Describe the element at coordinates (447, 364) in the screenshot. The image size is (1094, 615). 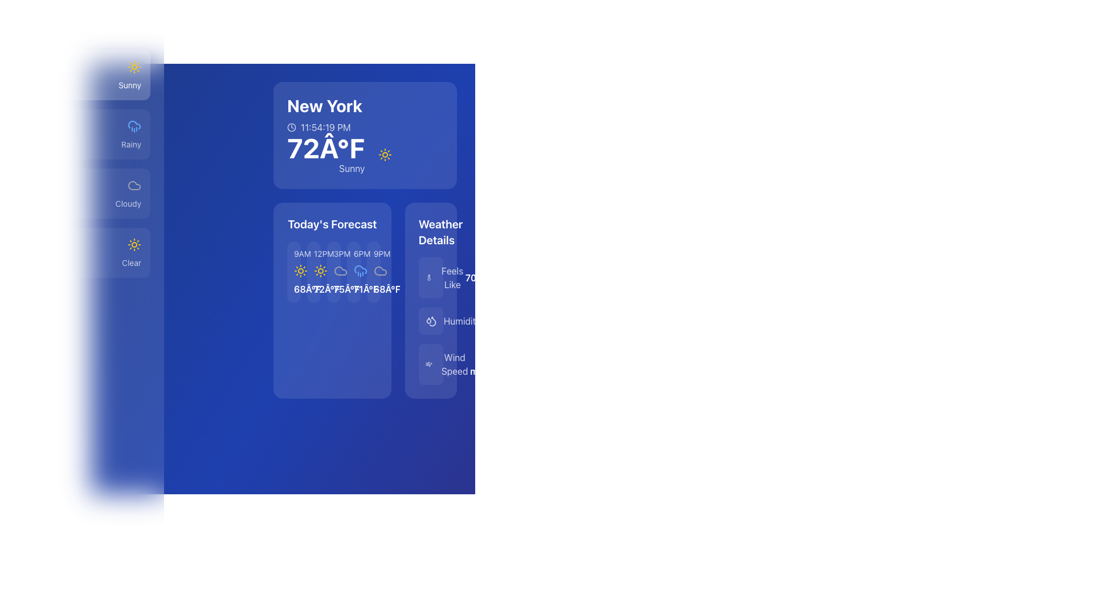
I see `'Wind Speed' label located in the 'Weather Details' panel, positioned below the 'Humidity' information and above the '12 mph' text` at that location.